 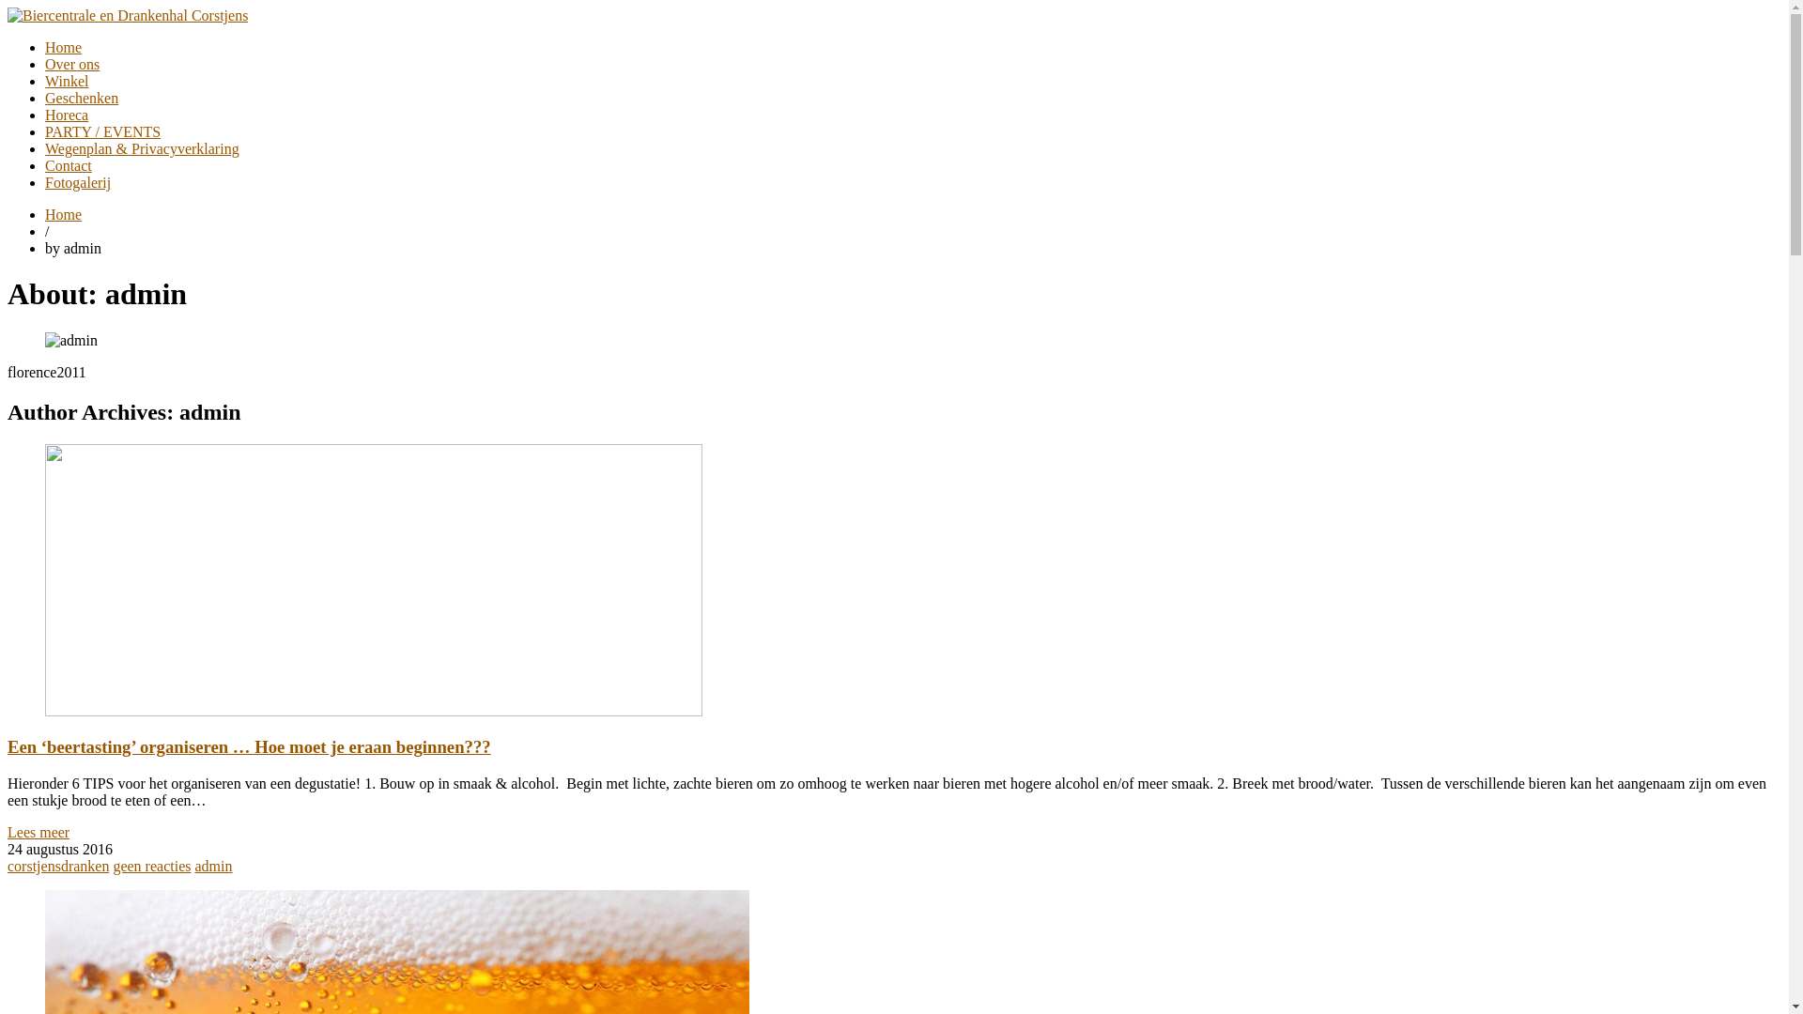 What do you see at coordinates (141, 147) in the screenshot?
I see `'Wegenplan & Privacyverklaring'` at bounding box center [141, 147].